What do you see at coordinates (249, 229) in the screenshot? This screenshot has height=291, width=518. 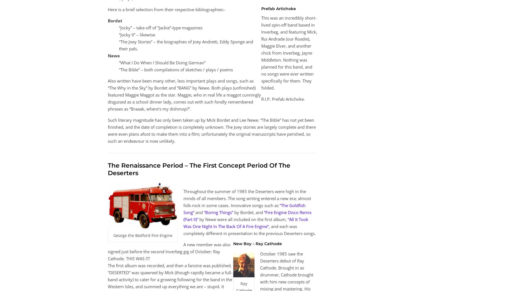 I see `', and each was completely different in presentation to the previous Deserters songs.'` at bounding box center [249, 229].